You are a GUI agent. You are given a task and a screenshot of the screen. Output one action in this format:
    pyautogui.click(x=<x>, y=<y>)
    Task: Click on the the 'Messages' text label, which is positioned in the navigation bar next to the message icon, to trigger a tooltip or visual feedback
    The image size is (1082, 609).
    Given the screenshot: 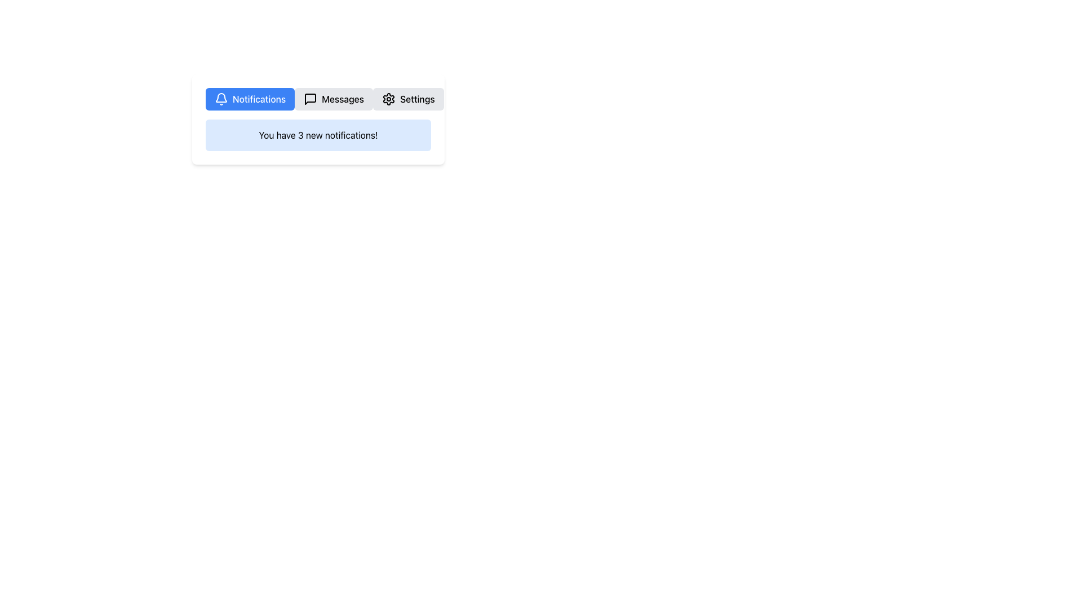 What is the action you would take?
    pyautogui.click(x=342, y=99)
    